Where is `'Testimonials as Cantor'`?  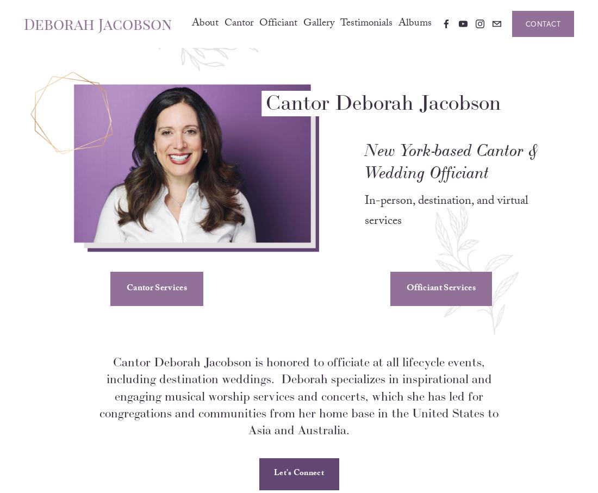 'Testimonials as Cantor' is located at coordinates (345, 68).